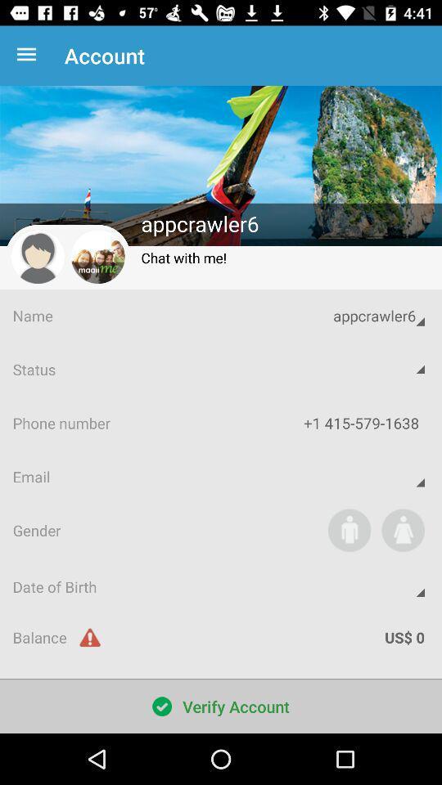 The width and height of the screenshot is (442, 785). What do you see at coordinates (349, 529) in the screenshot?
I see `the item to the right of the gender` at bounding box center [349, 529].